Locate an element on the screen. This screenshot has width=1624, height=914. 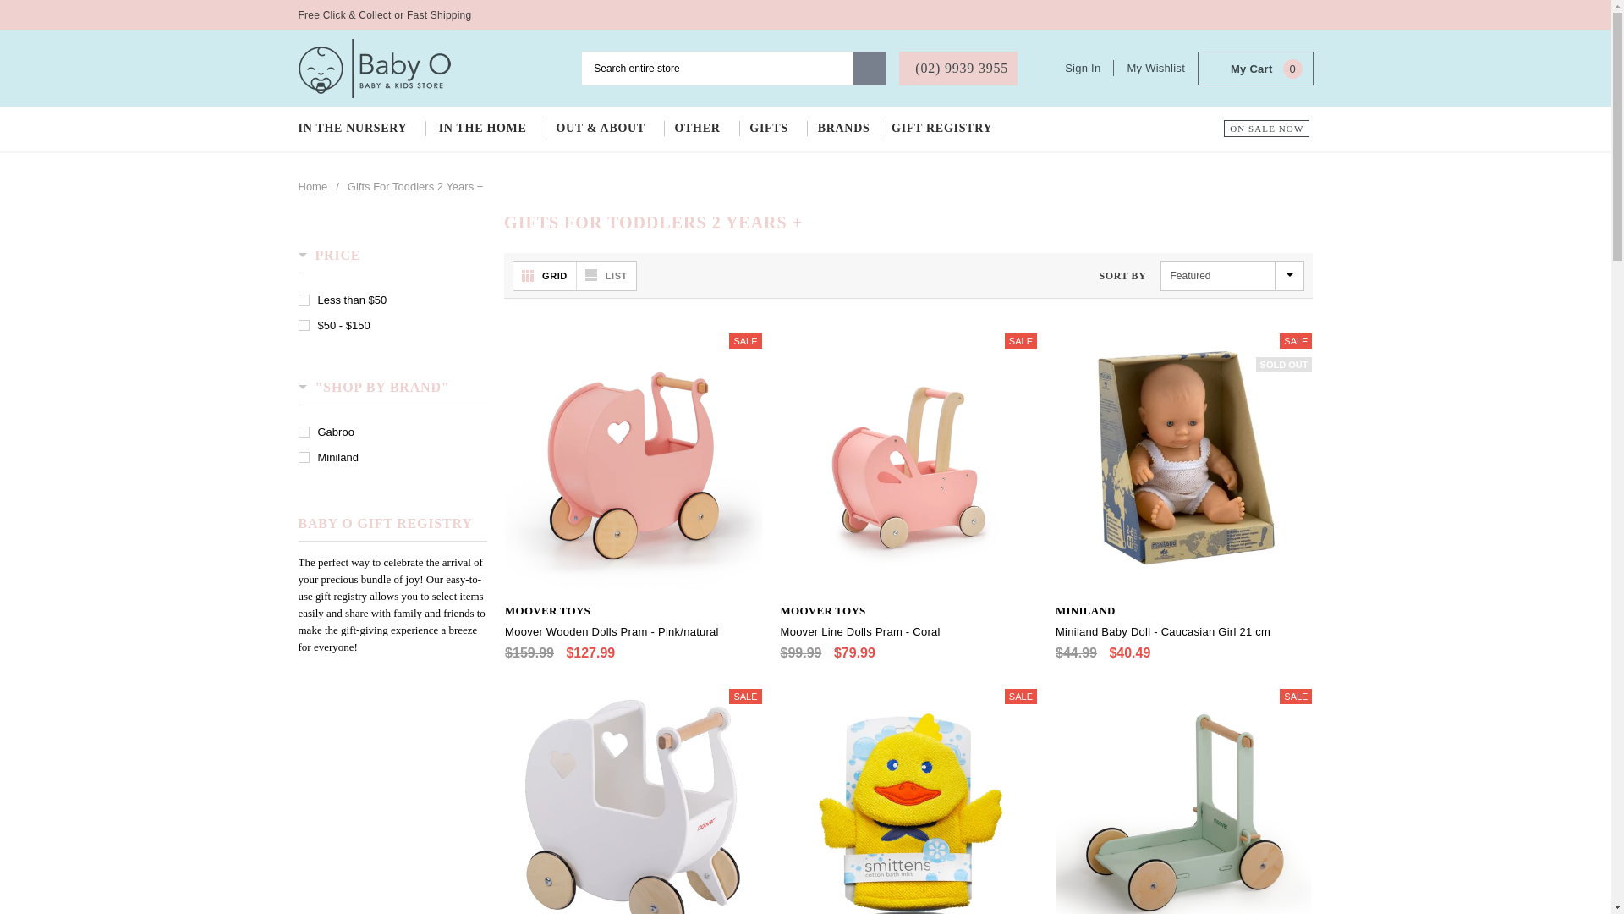
'LIST' is located at coordinates (576, 275).